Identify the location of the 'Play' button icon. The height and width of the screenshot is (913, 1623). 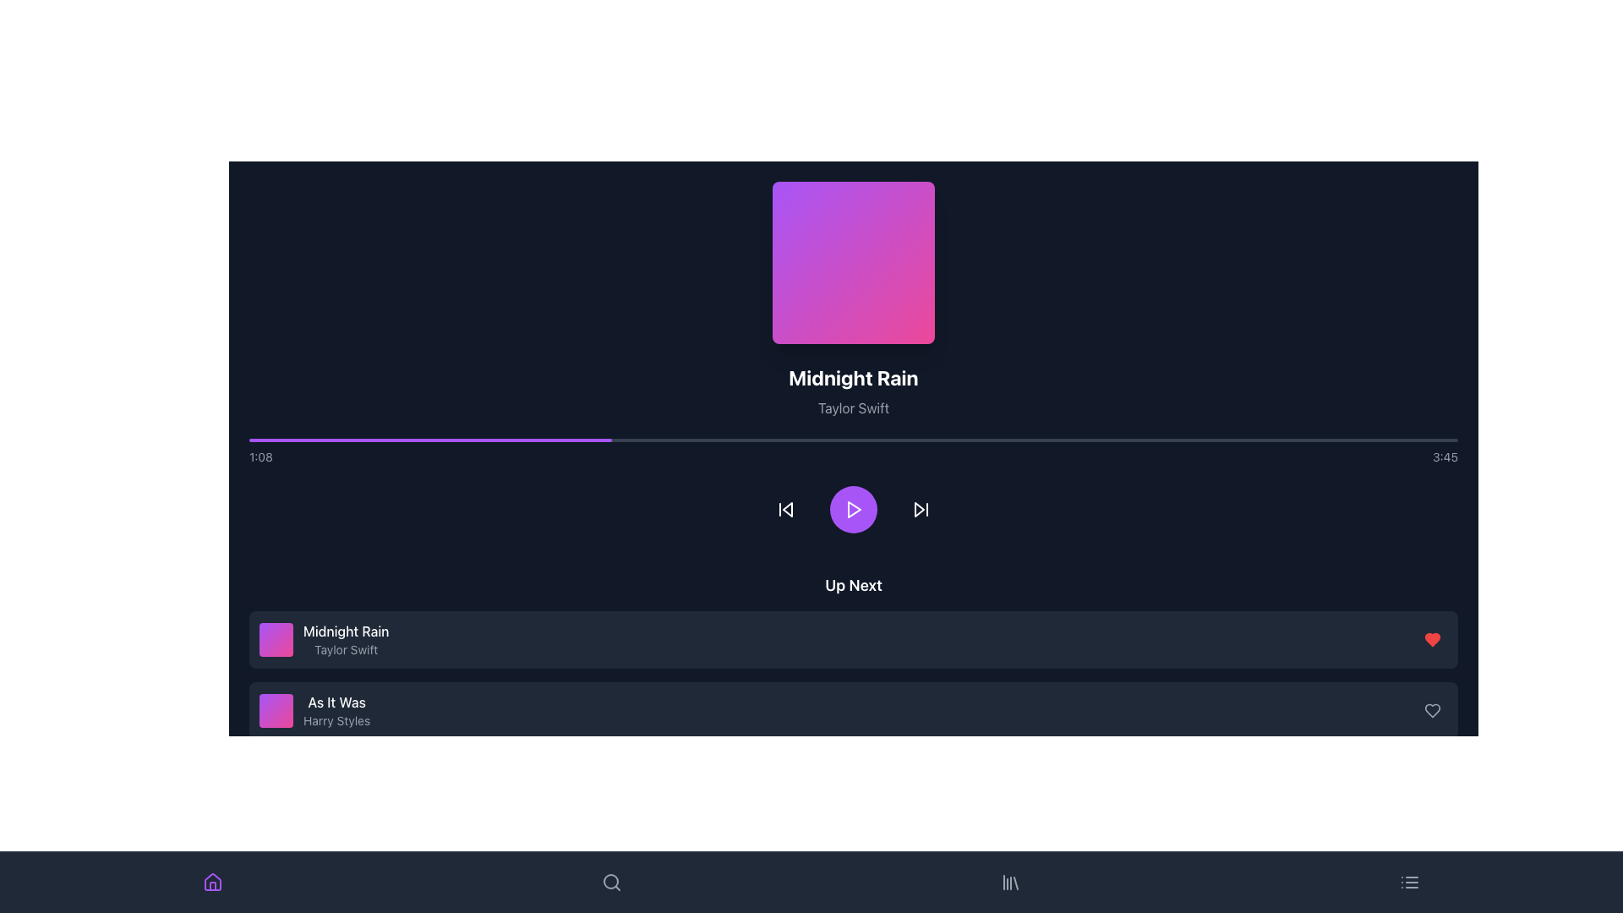
(853, 508).